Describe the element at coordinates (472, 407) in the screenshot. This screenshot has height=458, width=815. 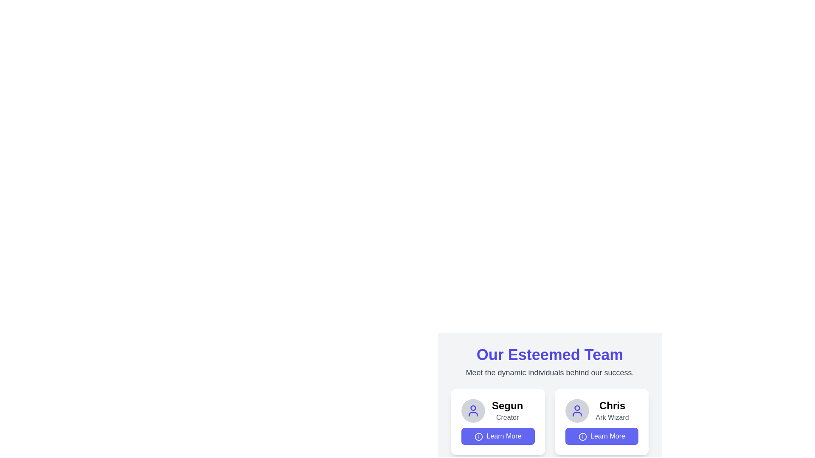
I see `the circular head representation of the user icon located in the 'Our Esteemed Team' section above the name 'Segun'` at that location.